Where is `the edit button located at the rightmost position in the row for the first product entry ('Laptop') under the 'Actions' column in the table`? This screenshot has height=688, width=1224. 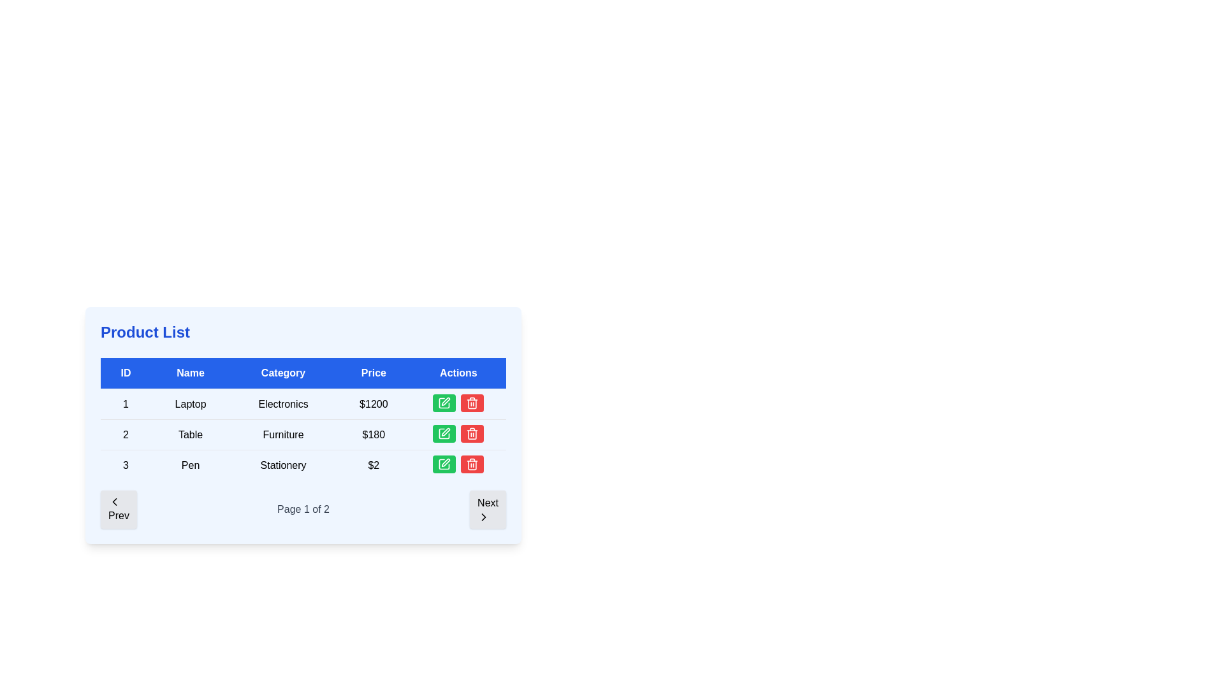
the edit button located at the rightmost position in the row for the first product entry ('Laptop') under the 'Actions' column in the table is located at coordinates (444, 403).